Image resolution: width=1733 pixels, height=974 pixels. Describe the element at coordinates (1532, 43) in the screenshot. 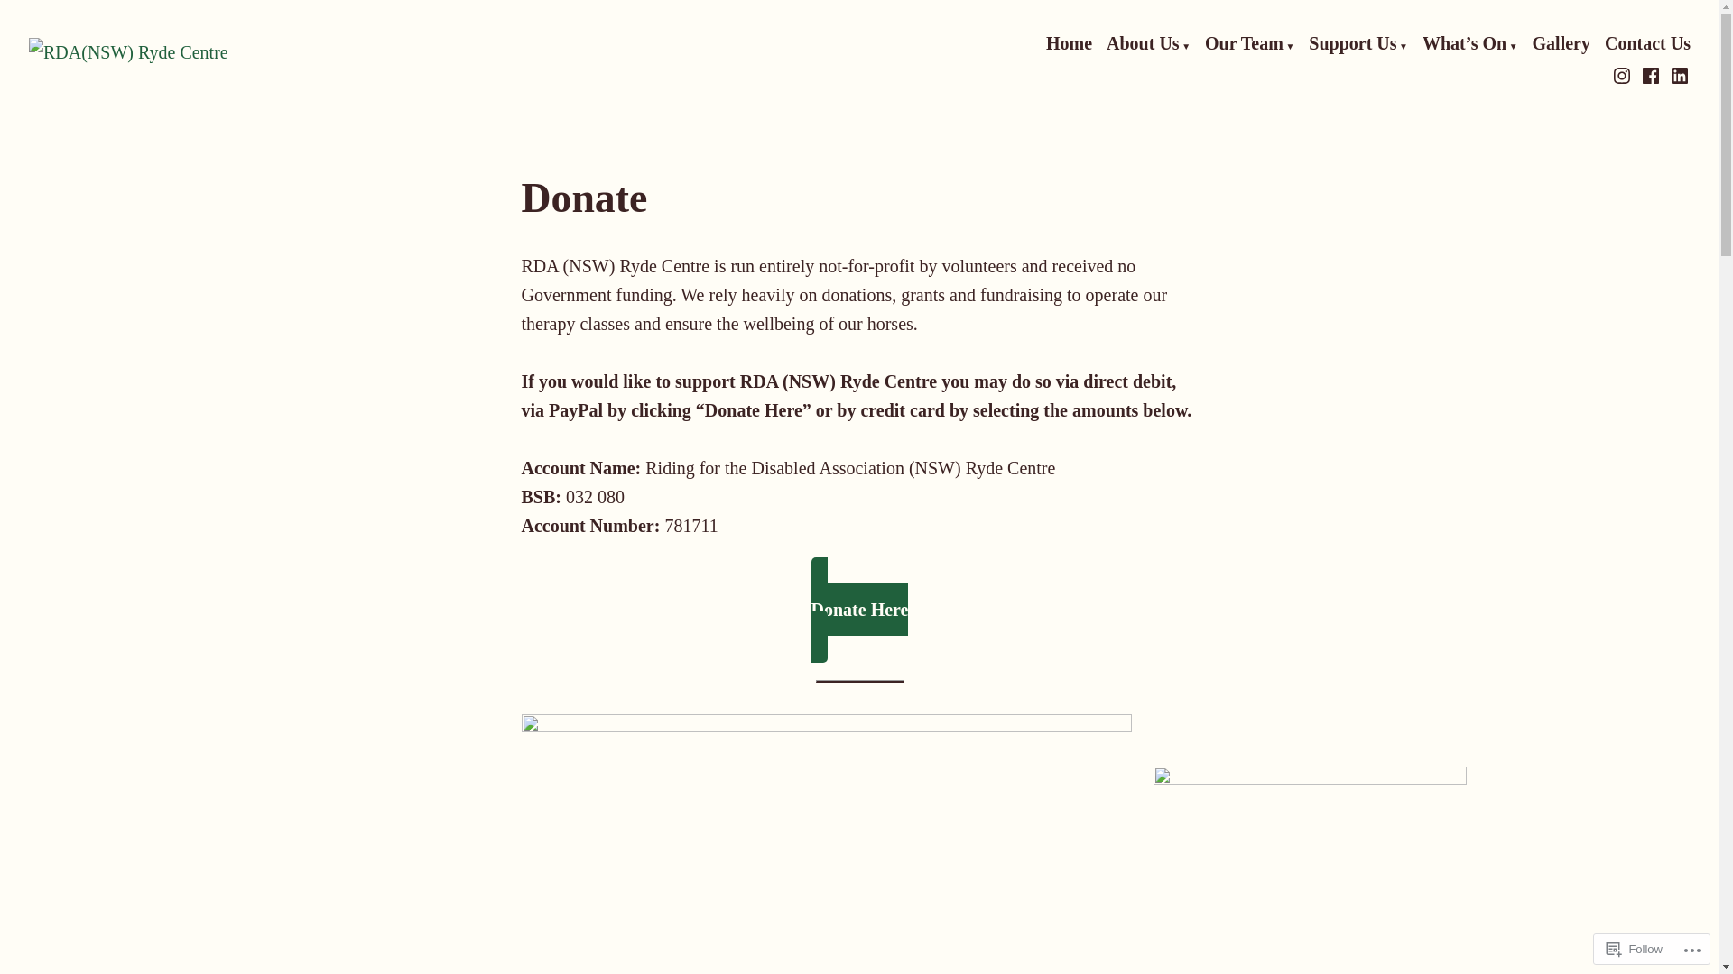

I see `'Gallery'` at that location.